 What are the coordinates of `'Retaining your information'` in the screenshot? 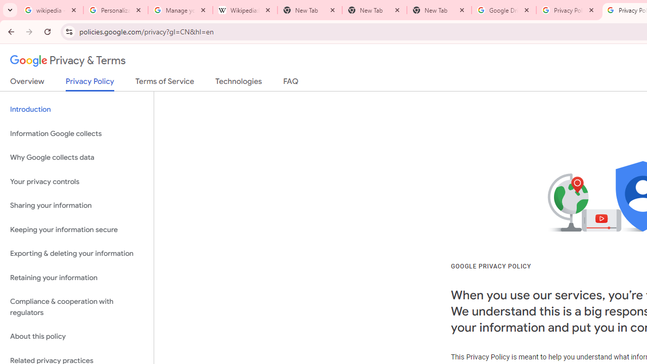 It's located at (76, 278).